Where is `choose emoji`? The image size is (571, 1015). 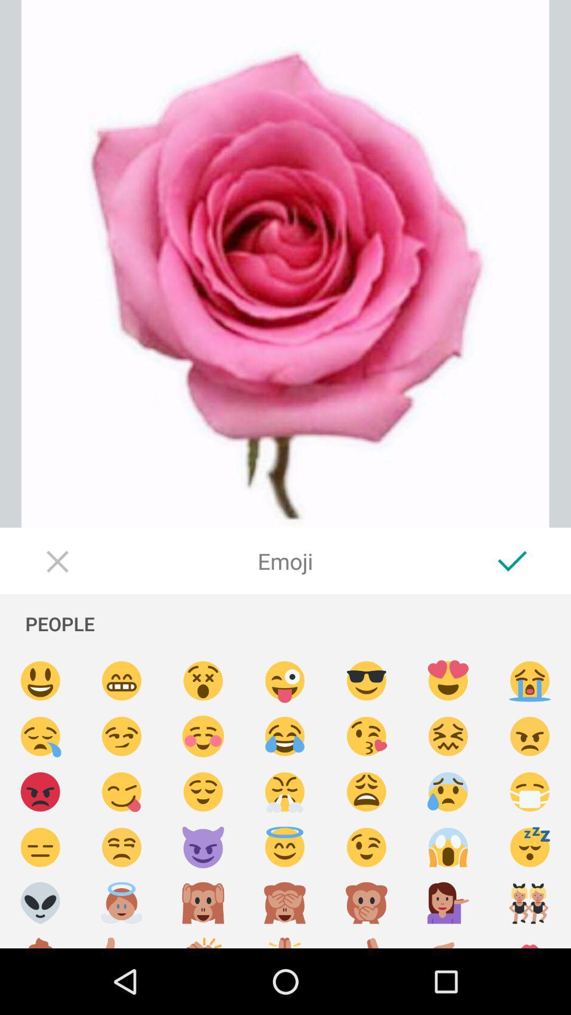
choose emoji is located at coordinates (203, 681).